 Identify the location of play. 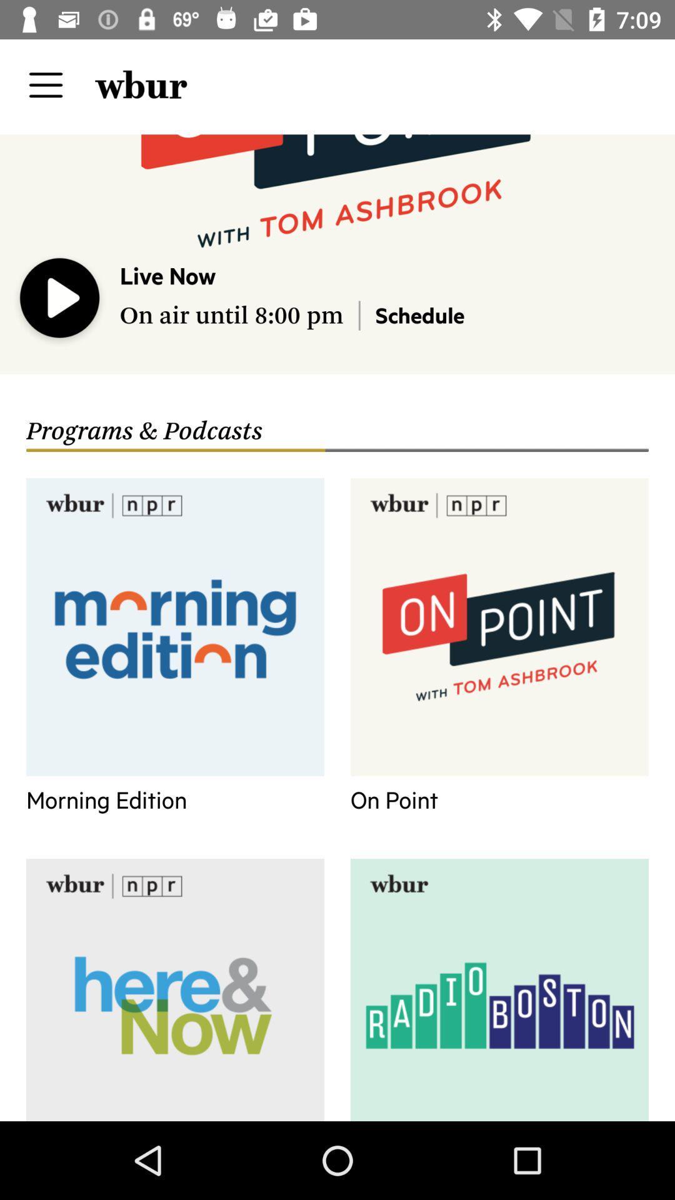
(60, 301).